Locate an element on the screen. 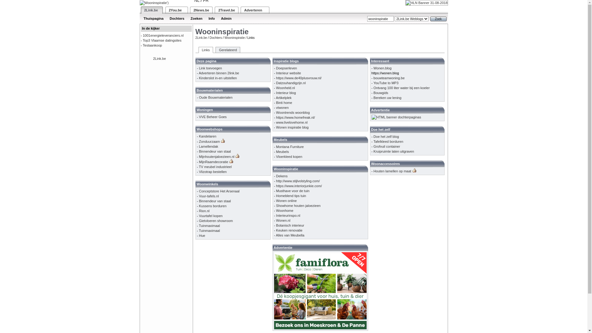  'Tafelkleed borduren' is located at coordinates (388, 142).